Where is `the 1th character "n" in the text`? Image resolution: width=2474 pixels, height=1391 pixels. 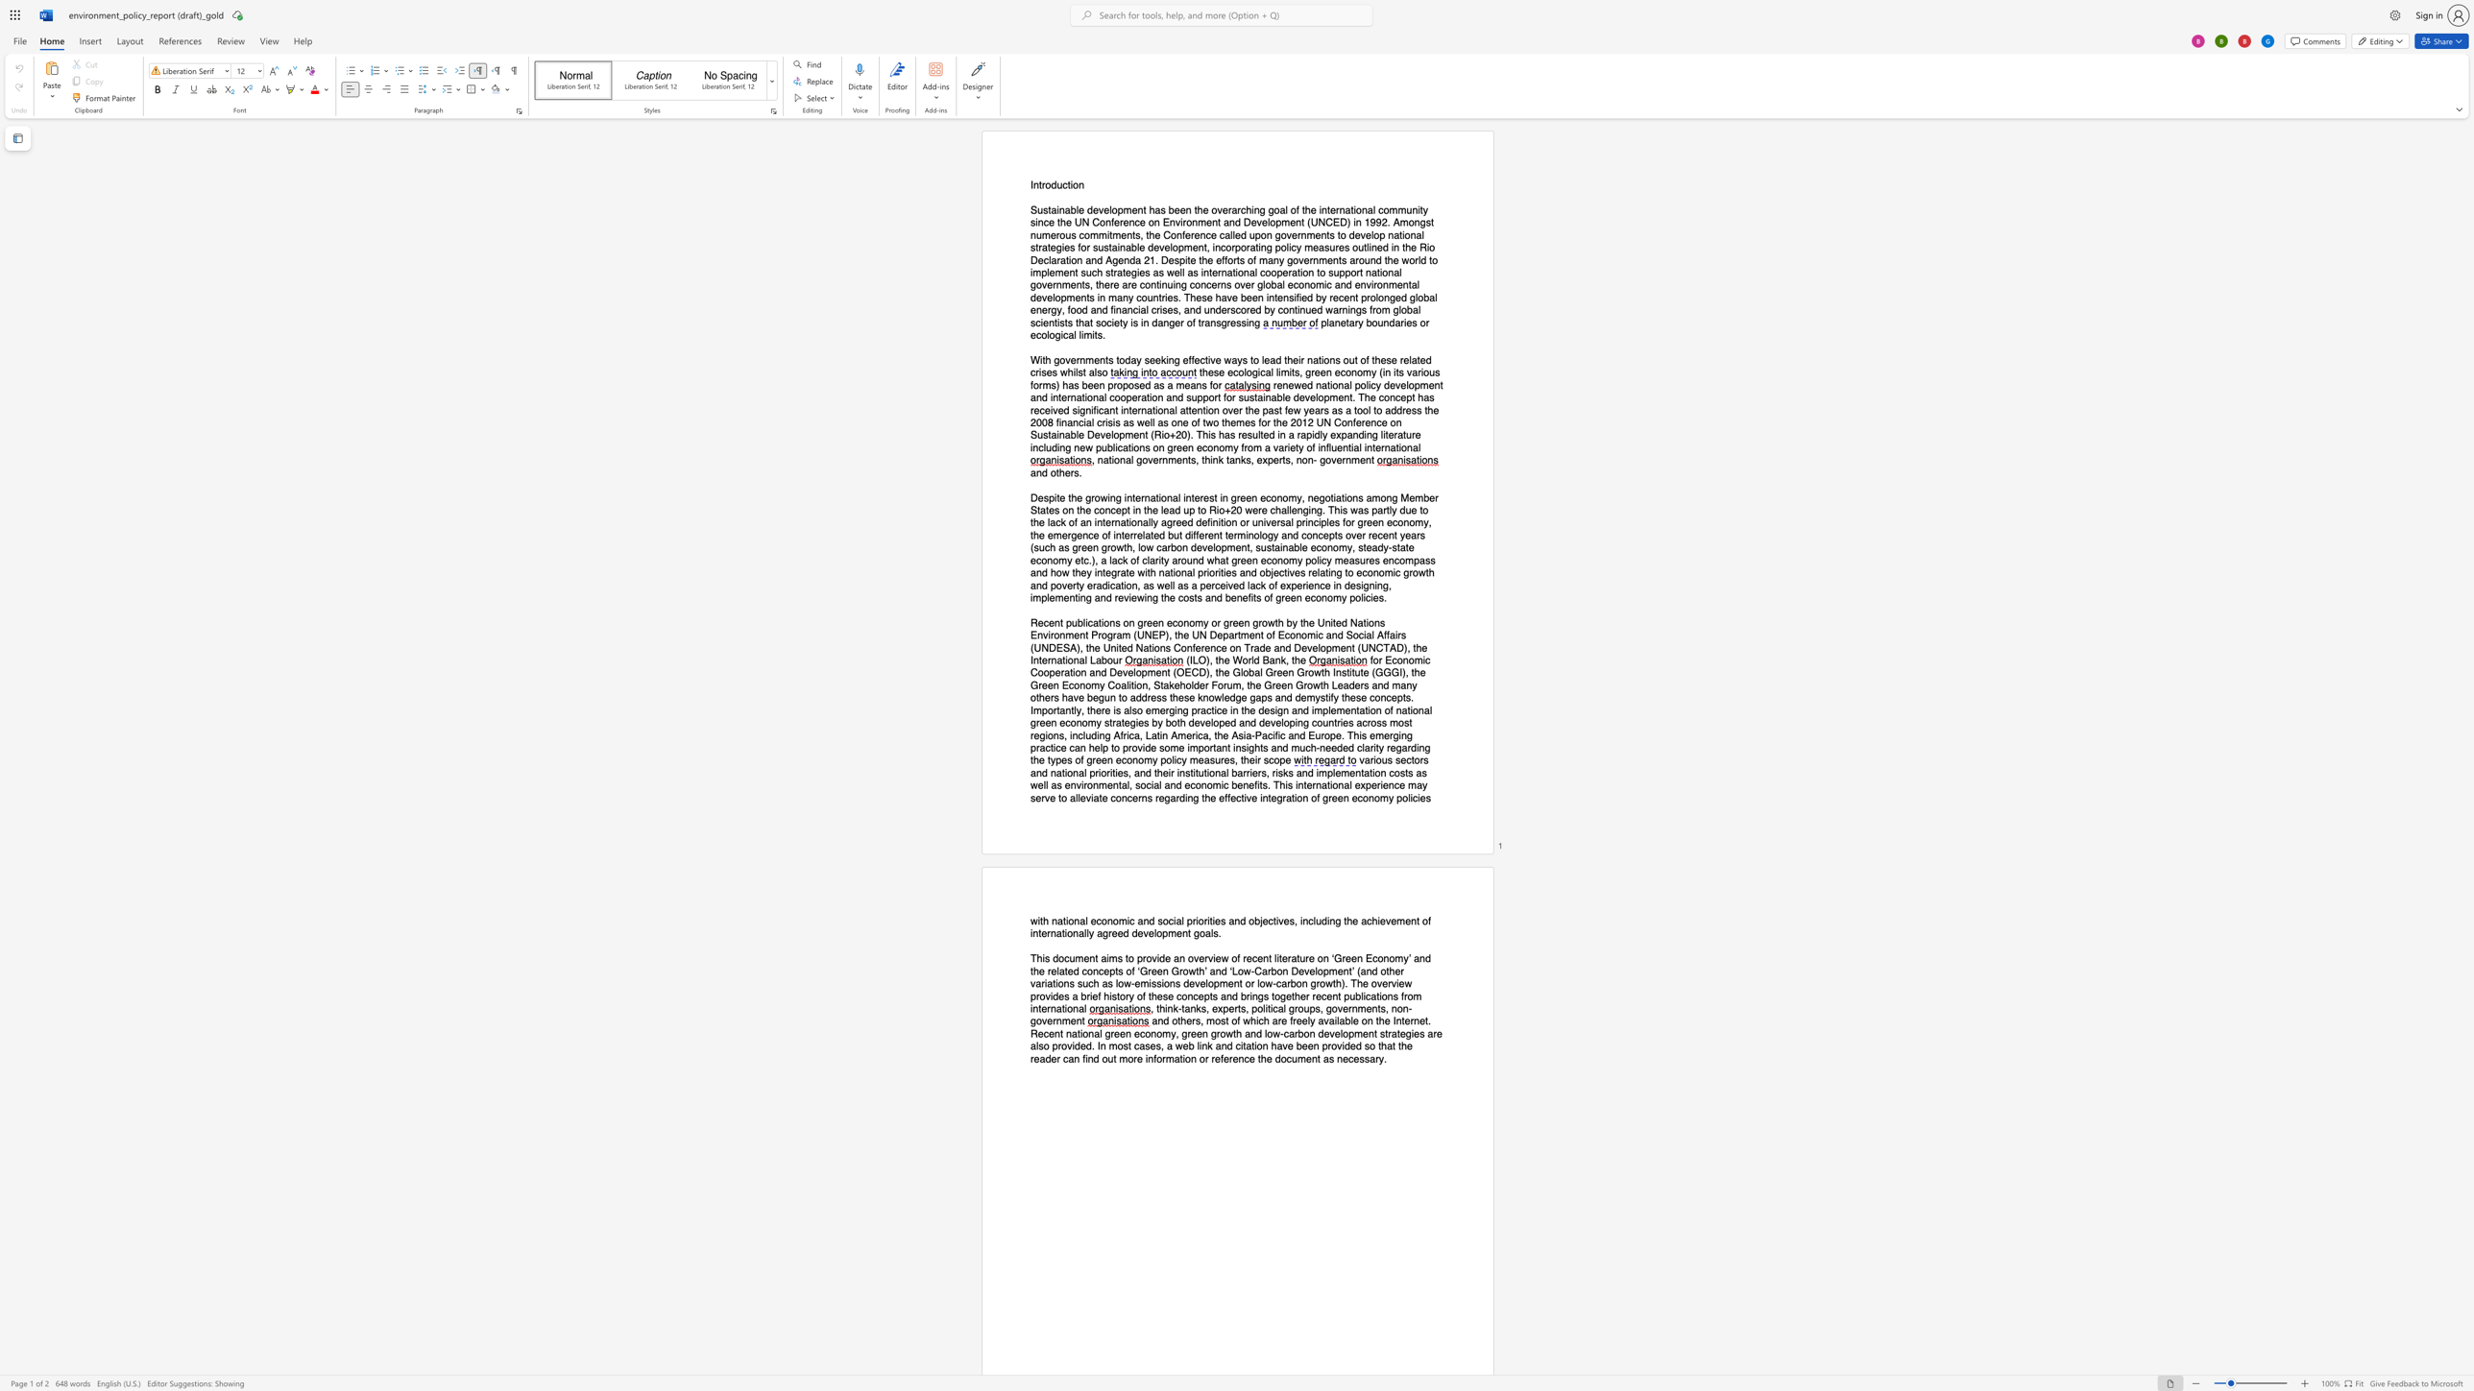
the 1th character "n" in the text is located at coordinates (1266, 797).